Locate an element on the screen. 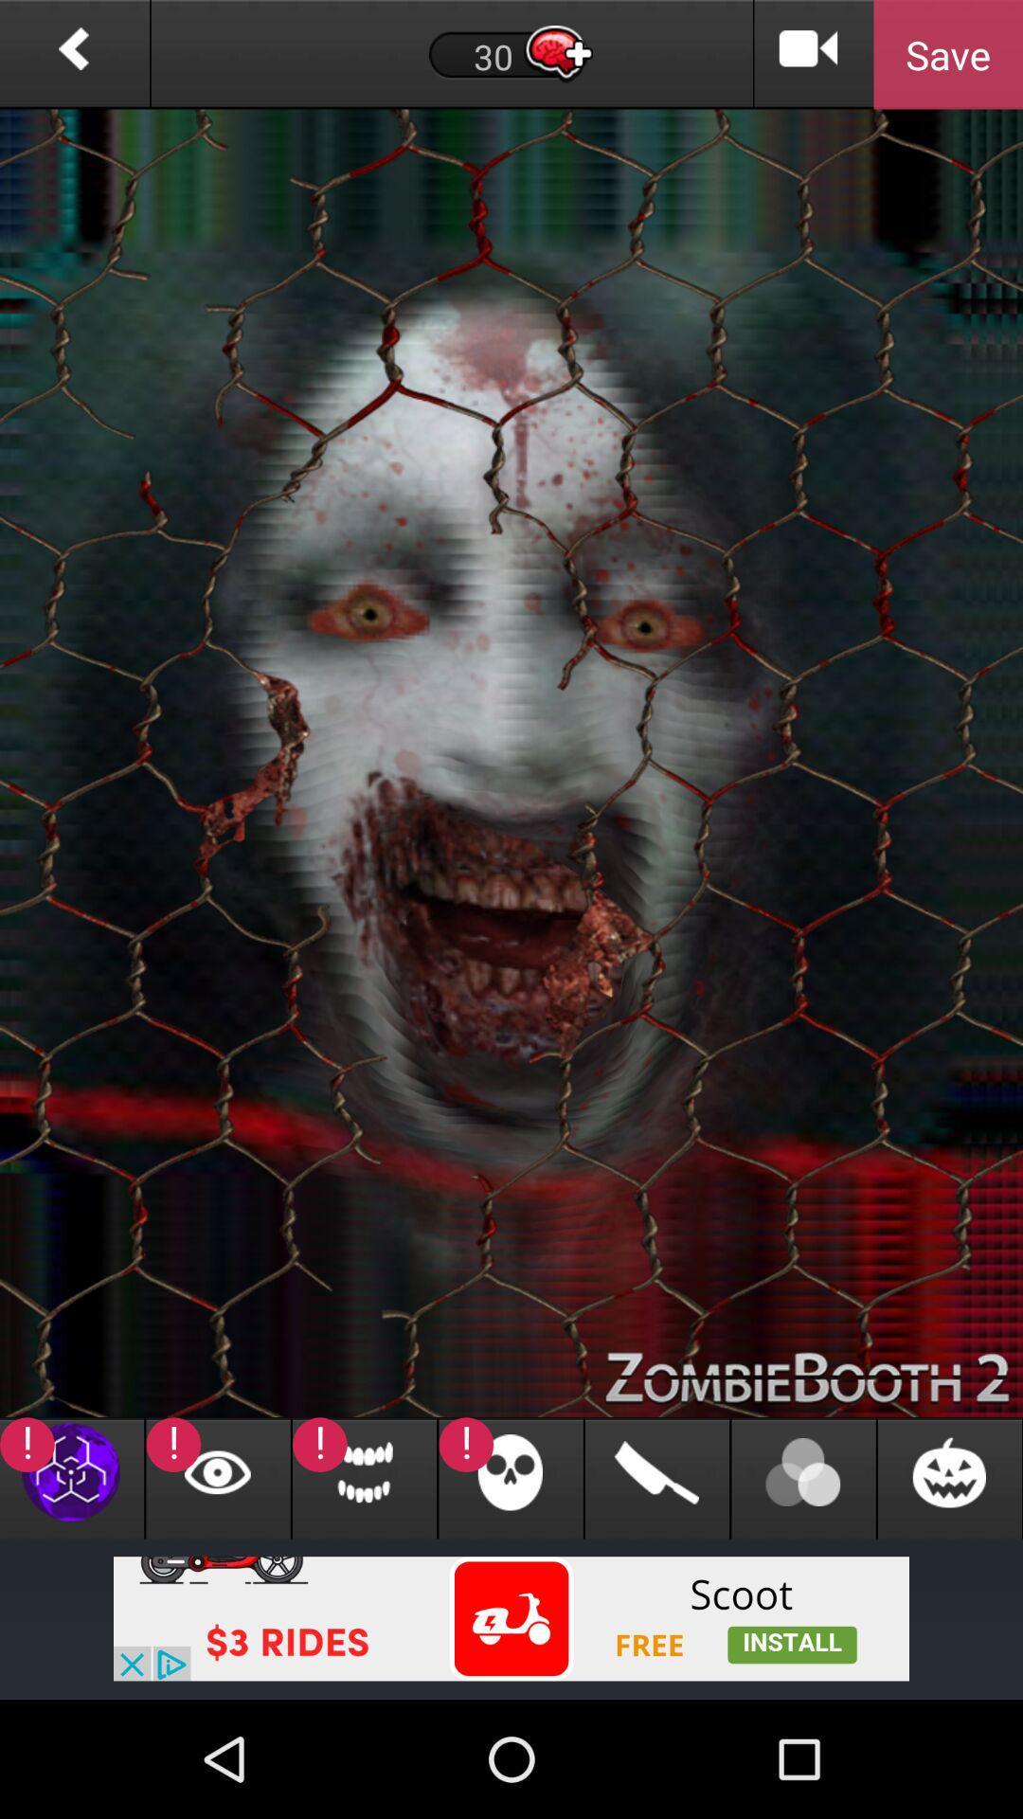 Image resolution: width=1023 pixels, height=1819 pixels. previous page is located at coordinates (73, 54).